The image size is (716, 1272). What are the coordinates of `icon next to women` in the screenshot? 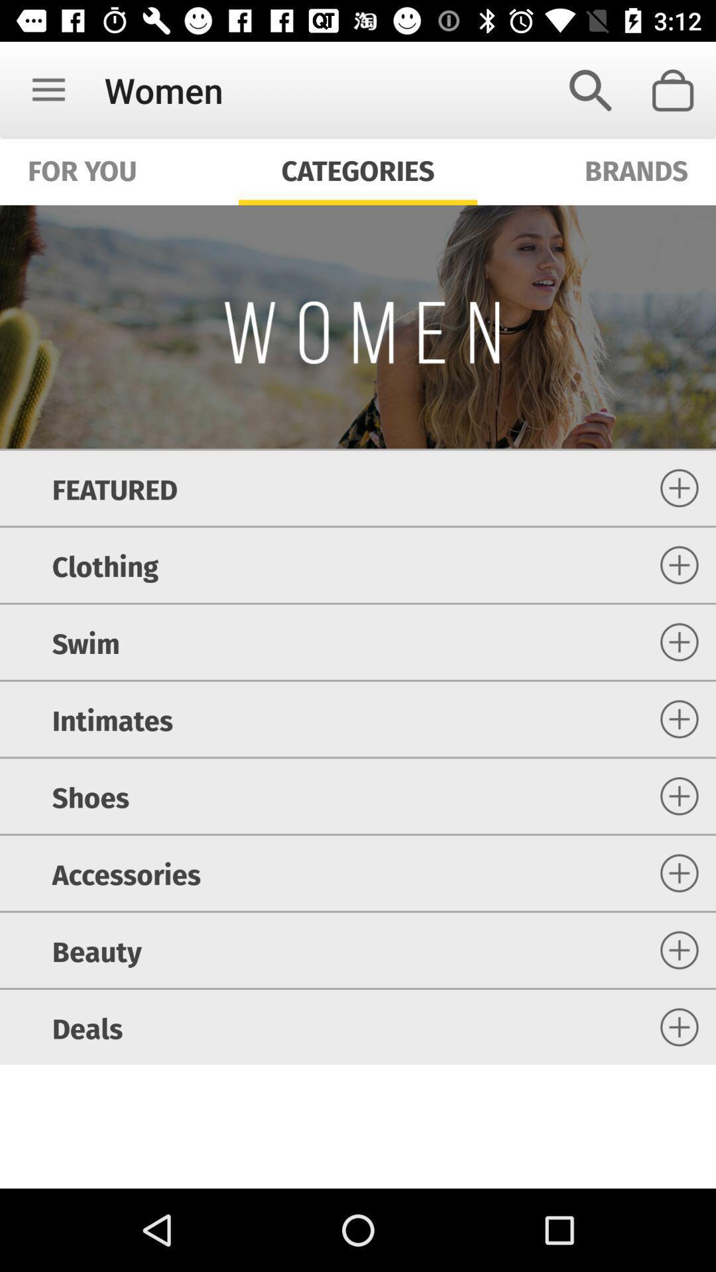 It's located at (48, 89).